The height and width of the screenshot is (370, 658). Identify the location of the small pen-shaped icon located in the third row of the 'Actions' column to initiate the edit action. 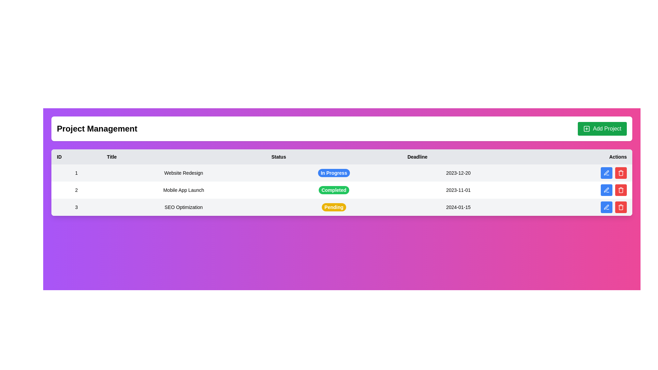
(606, 172).